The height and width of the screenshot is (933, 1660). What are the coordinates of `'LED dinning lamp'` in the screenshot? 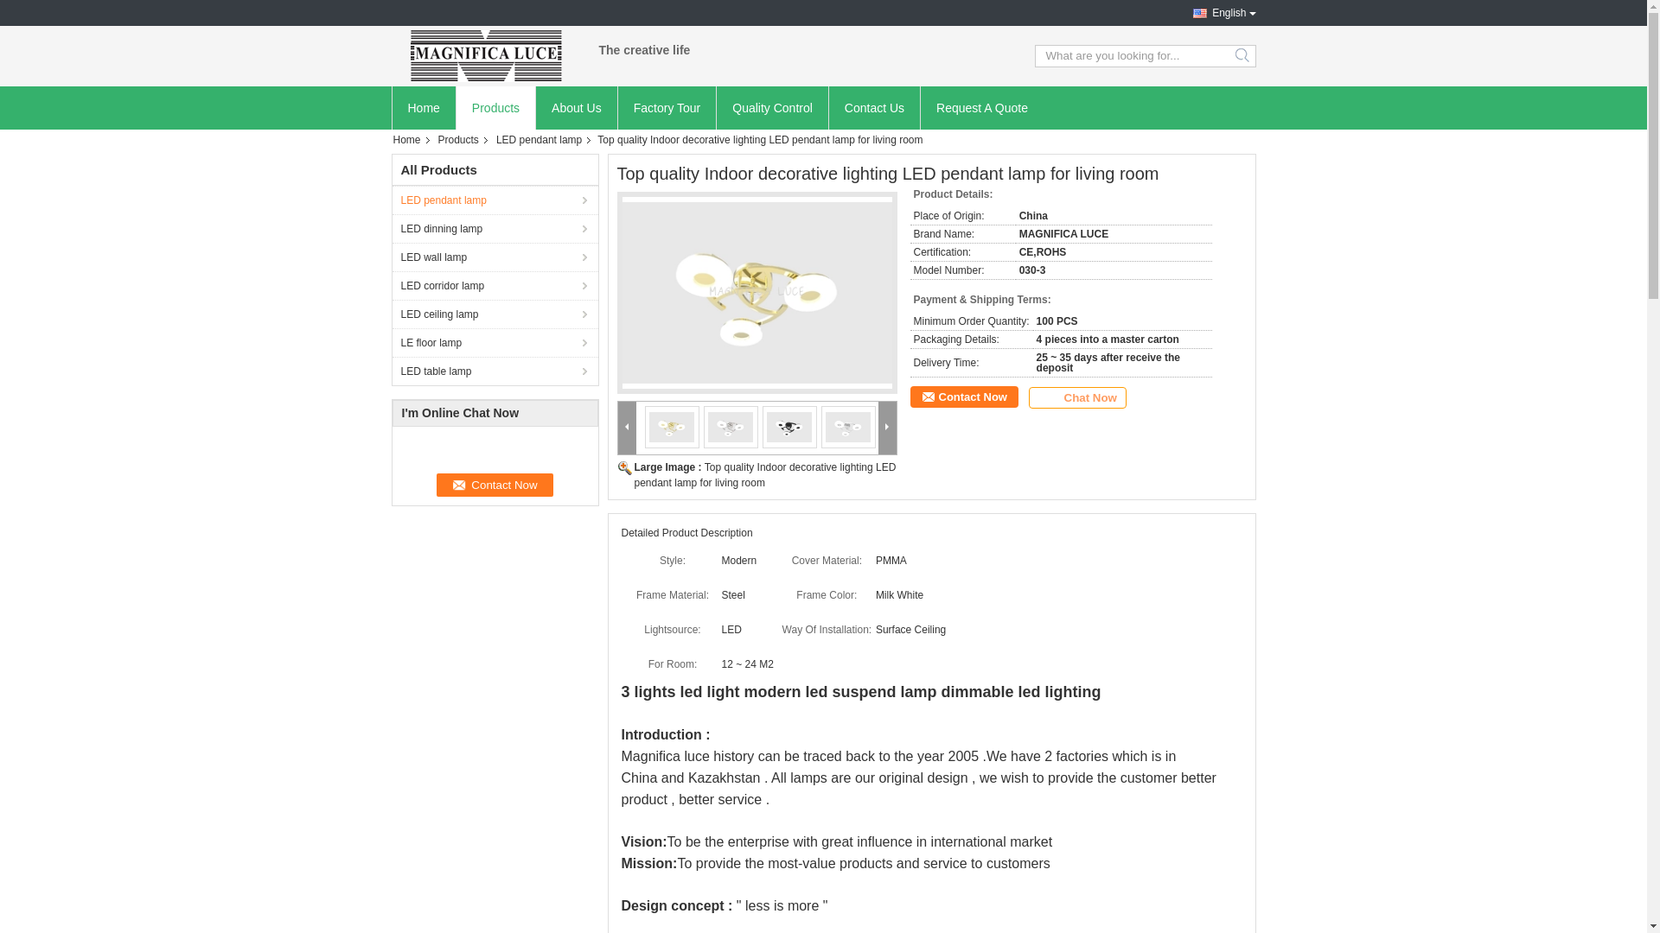 It's located at (494, 227).